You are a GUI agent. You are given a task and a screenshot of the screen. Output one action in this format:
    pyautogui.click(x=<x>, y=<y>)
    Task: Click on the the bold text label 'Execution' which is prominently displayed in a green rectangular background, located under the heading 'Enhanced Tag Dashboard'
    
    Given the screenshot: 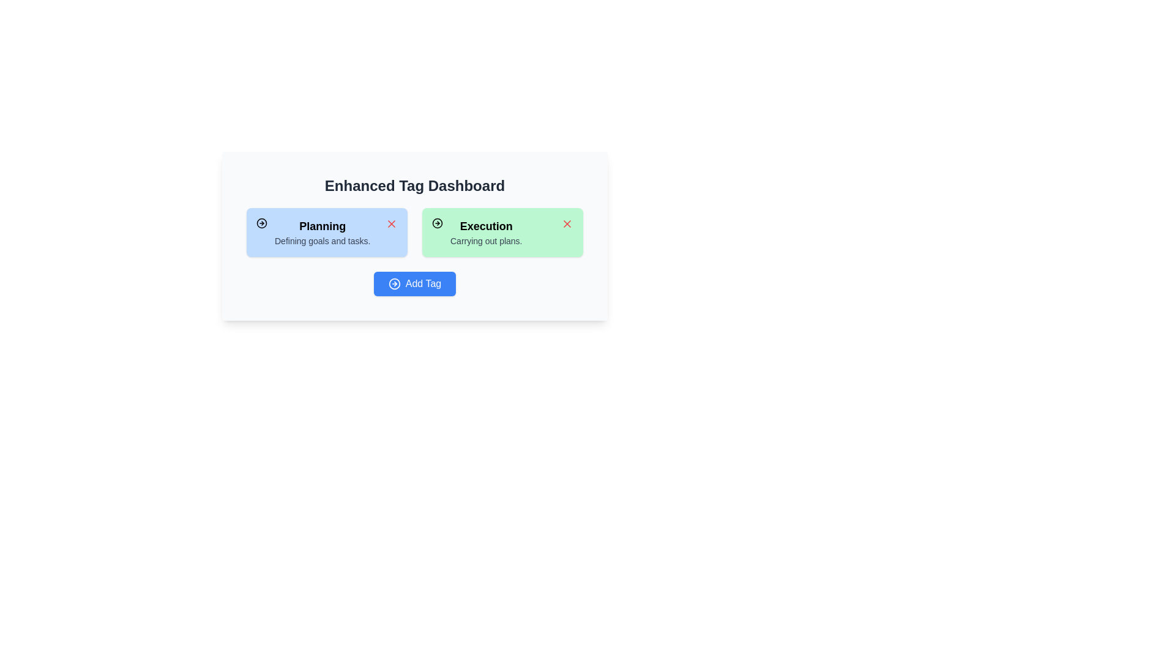 What is the action you would take?
    pyautogui.click(x=485, y=226)
    